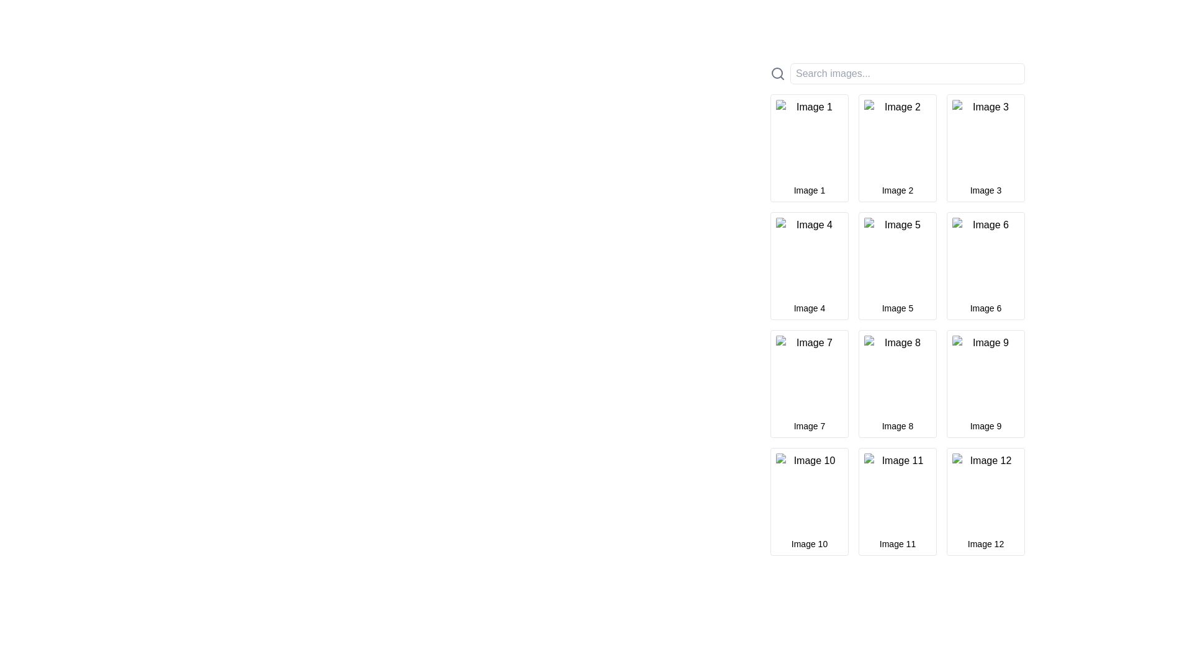 The height and width of the screenshot is (670, 1192). What do you see at coordinates (897, 148) in the screenshot?
I see `the second grid item` at bounding box center [897, 148].